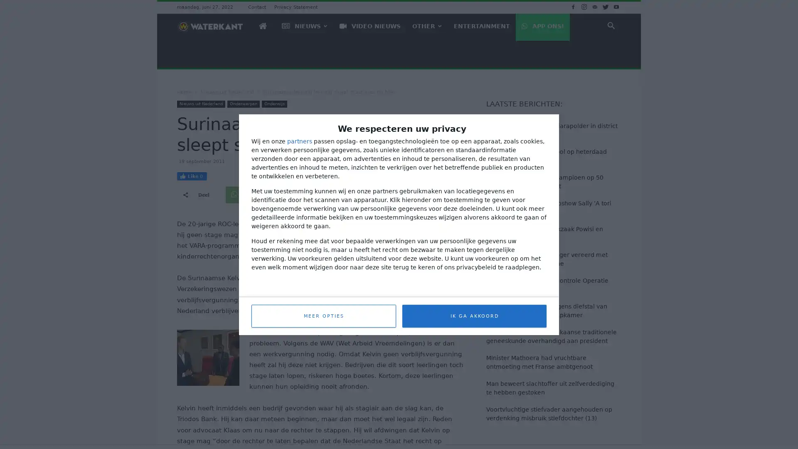  What do you see at coordinates (323, 316) in the screenshot?
I see `MEER OPTIES` at bounding box center [323, 316].